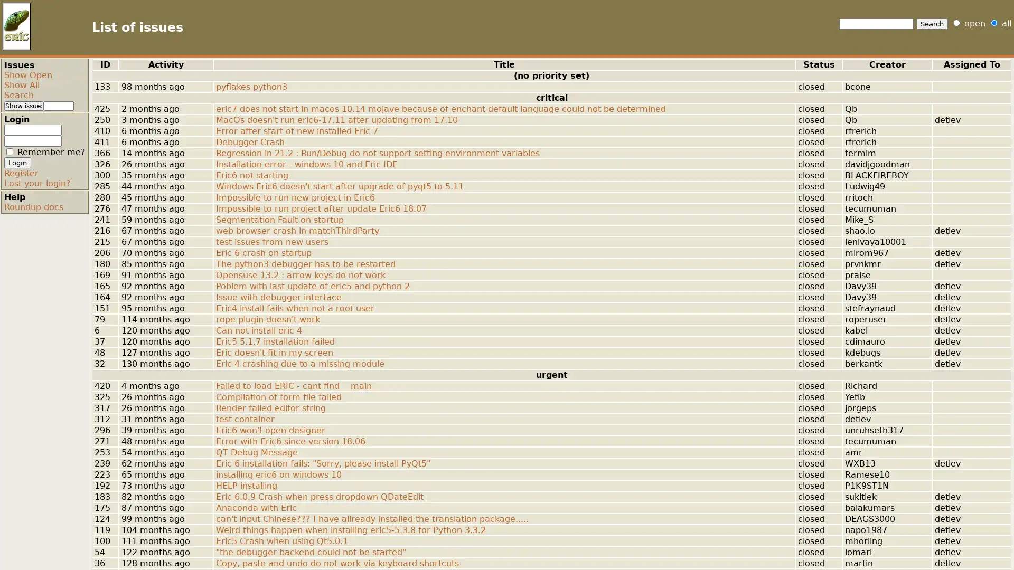 The image size is (1014, 570). Describe the element at coordinates (17, 163) in the screenshot. I see `Login` at that location.